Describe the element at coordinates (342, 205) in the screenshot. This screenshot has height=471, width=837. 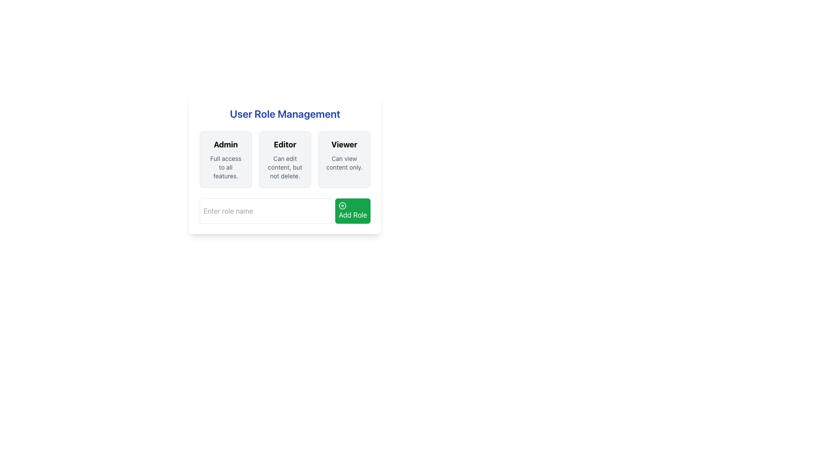
I see `the circular element within the 'Add Role' green button icon, which is centrally located in the interface layout and features a cross symbol, indicating potential actions like addition` at that location.